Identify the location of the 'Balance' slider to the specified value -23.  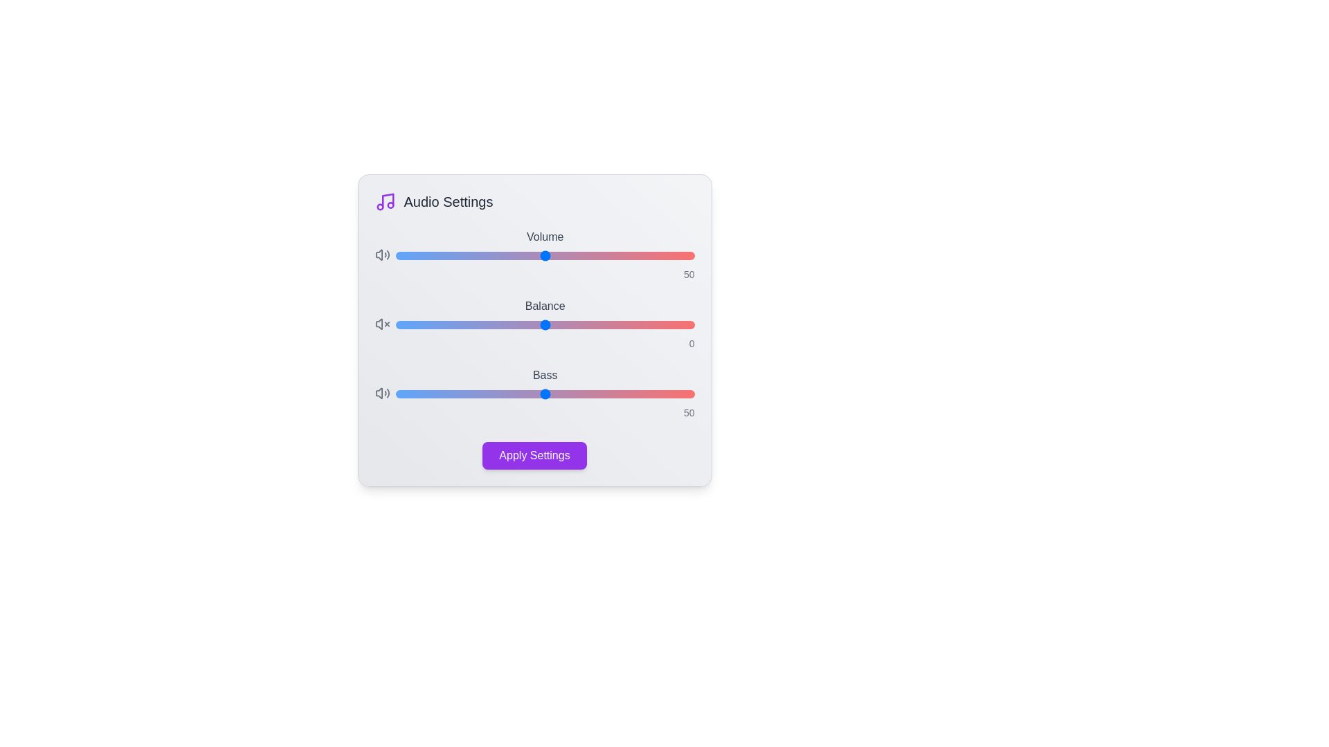
(476, 325).